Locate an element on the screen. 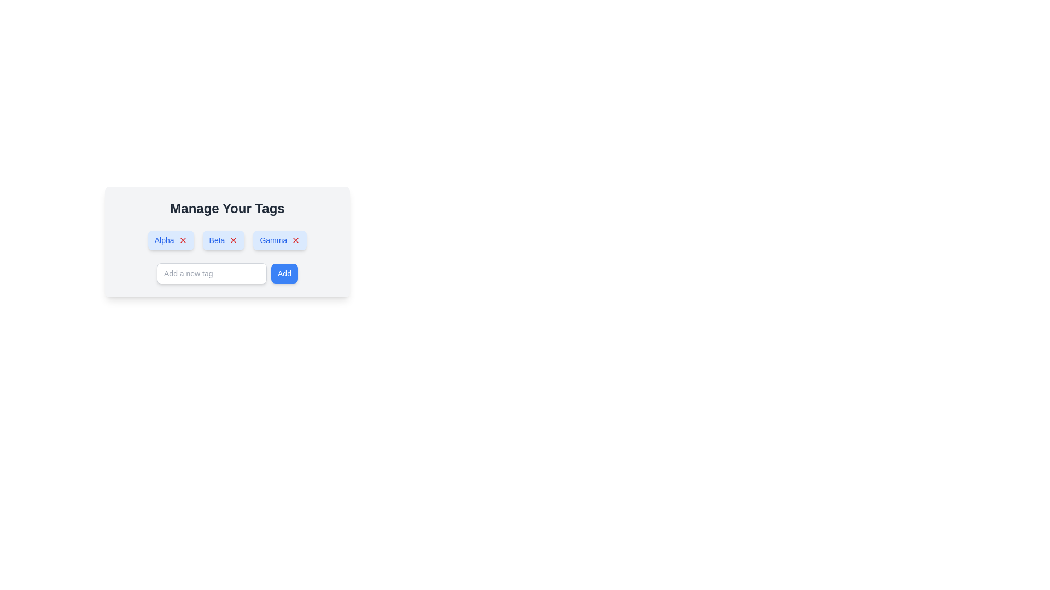 This screenshot has height=590, width=1050. the 'Beta' button, which is a blue button labeled with white text, positioned is located at coordinates (227, 241).